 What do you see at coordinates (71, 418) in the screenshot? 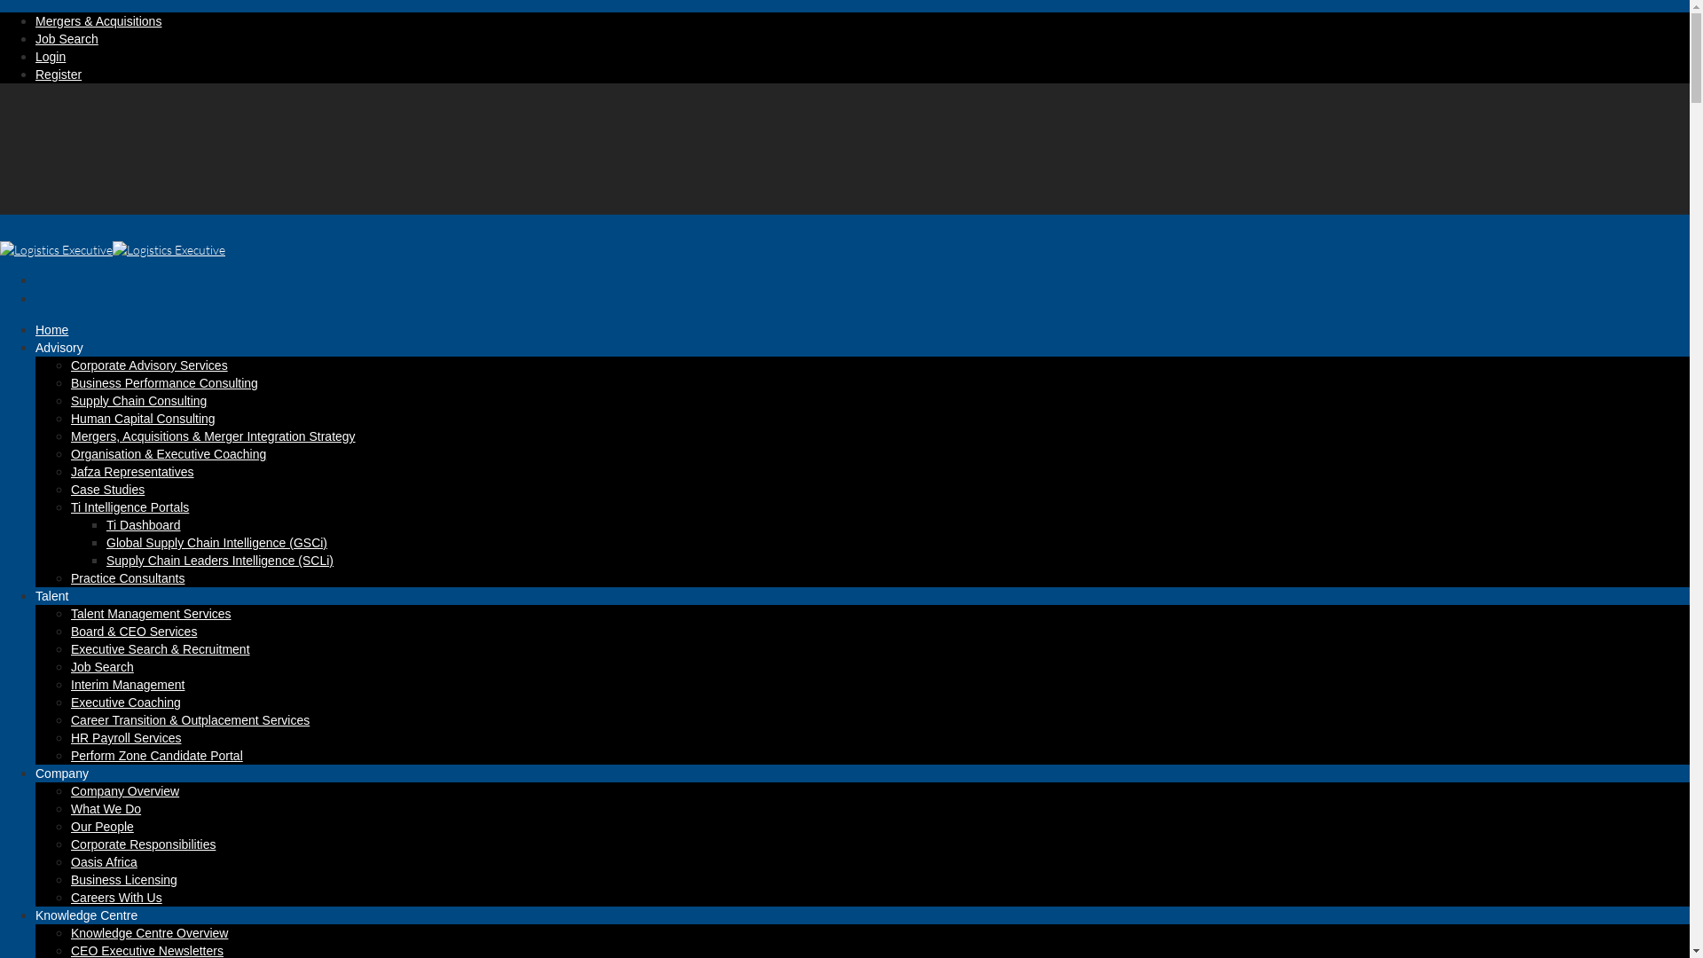
I see `'Human Capital Consulting'` at bounding box center [71, 418].